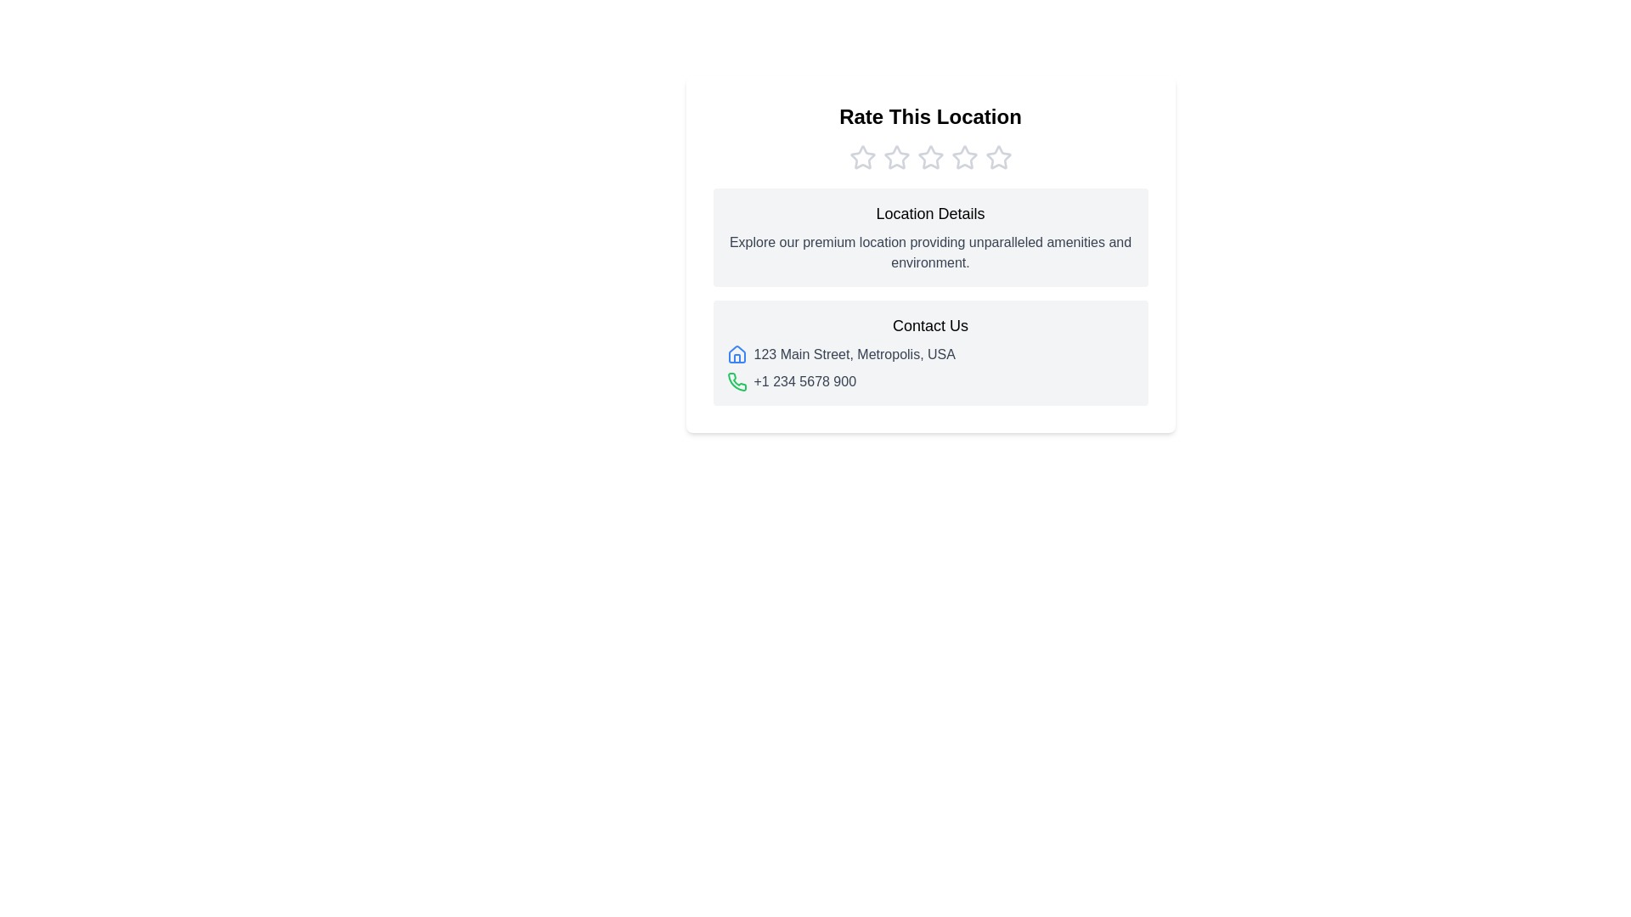  Describe the element at coordinates (736, 353) in the screenshot. I see `the outlined house-shaped icon with rounded lines and blue color, located in the 'Contact Us' section next to the address '123 Main Street, Metropolis, USA'` at that location.